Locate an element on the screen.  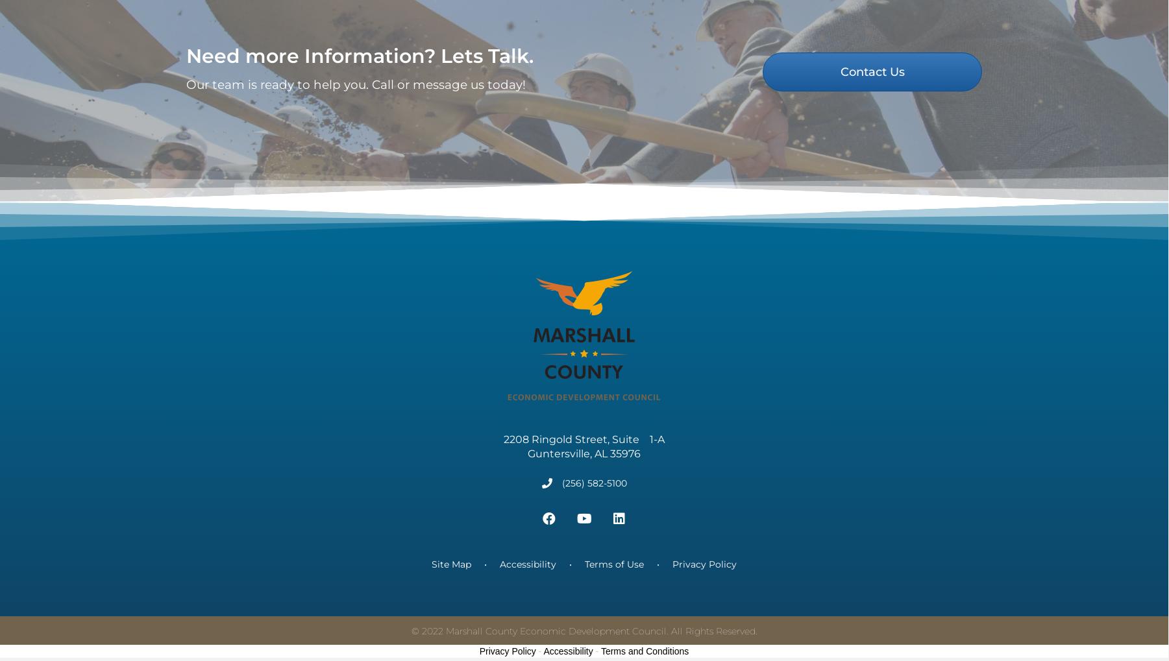
'Site Map' is located at coordinates (452, 581).